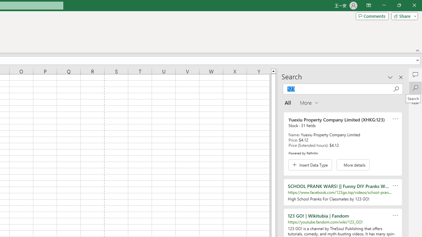 Image resolution: width=422 pixels, height=237 pixels. I want to click on 'Restore Down', so click(399, 5).